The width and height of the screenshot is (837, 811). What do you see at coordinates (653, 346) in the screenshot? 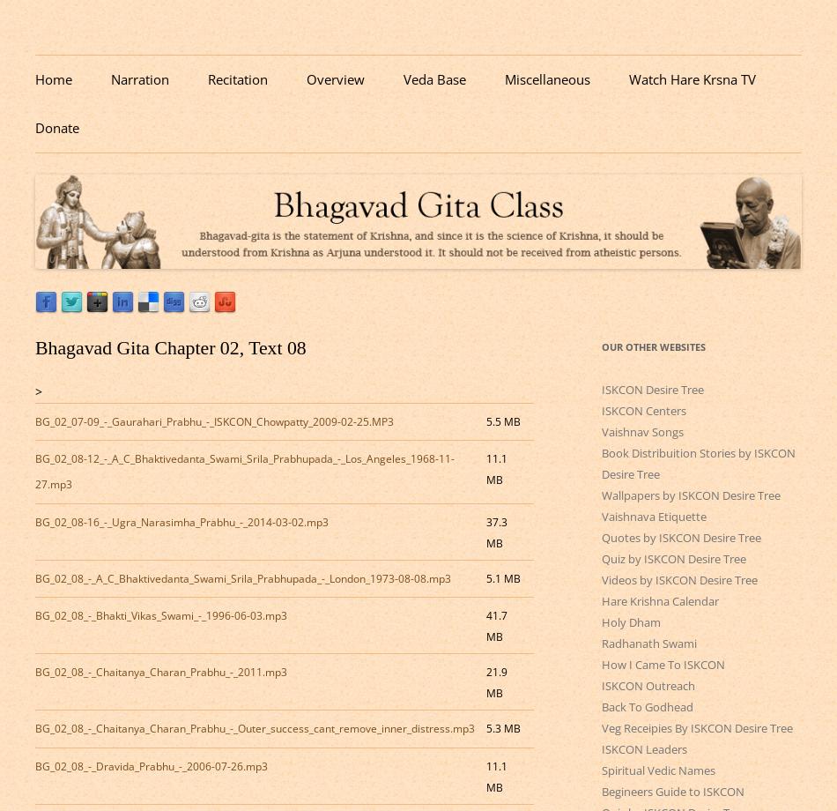
I see `'Our Other Websites'` at bounding box center [653, 346].